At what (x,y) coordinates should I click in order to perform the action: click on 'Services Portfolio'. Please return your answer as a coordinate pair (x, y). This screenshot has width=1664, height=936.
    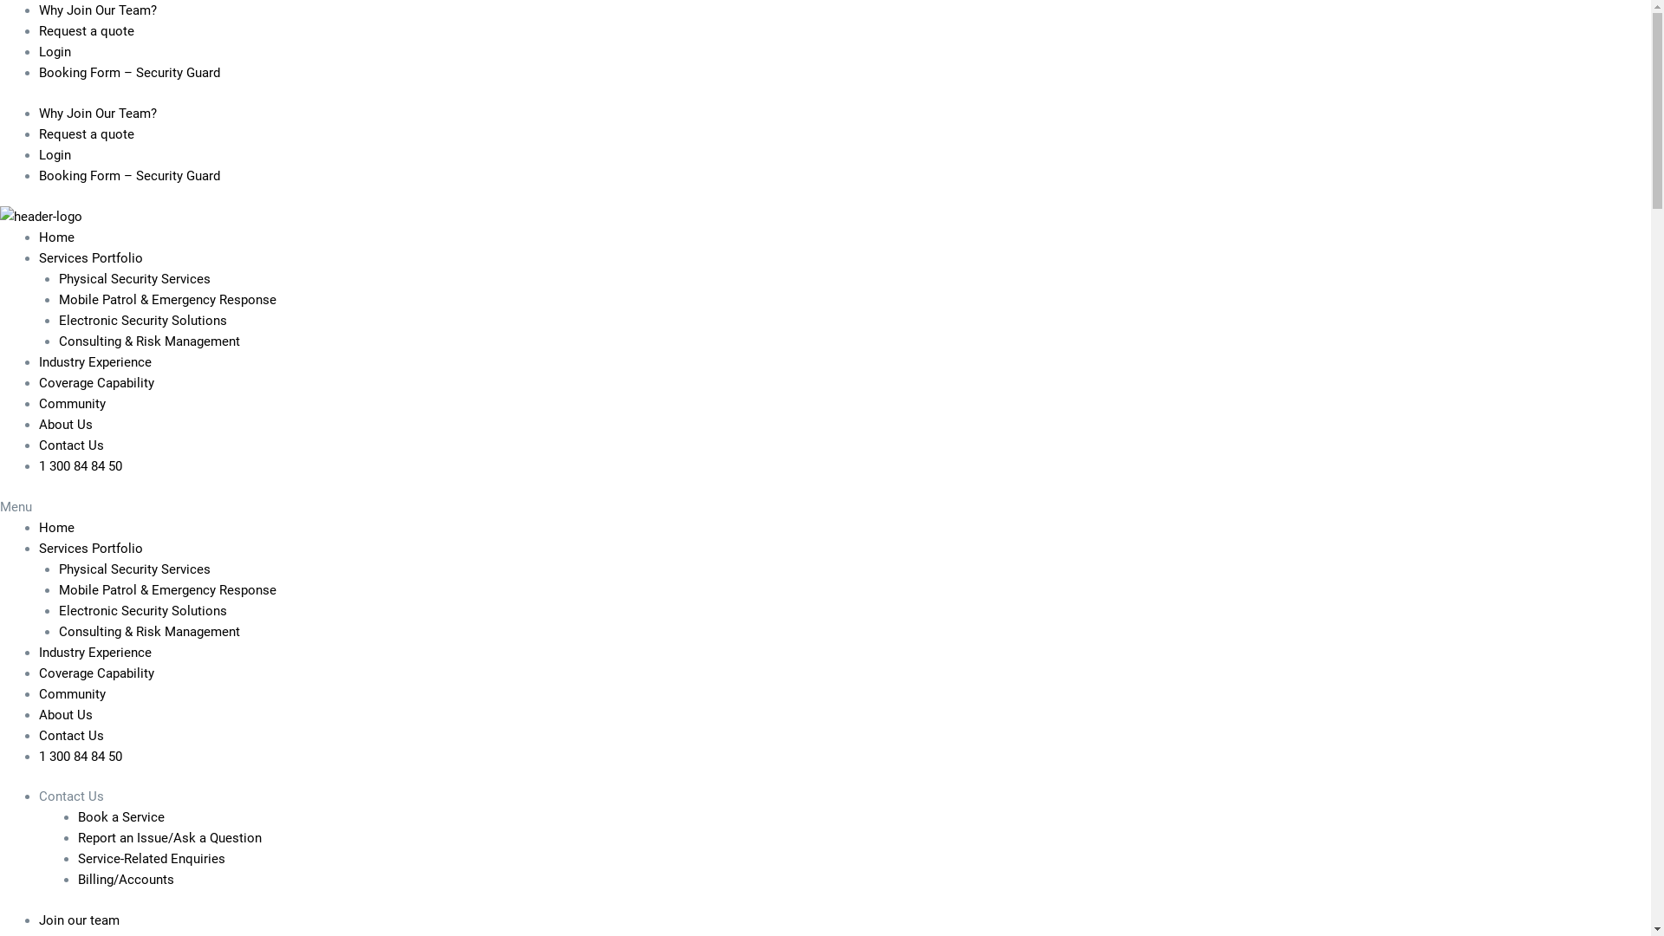
    Looking at the image, I should click on (90, 548).